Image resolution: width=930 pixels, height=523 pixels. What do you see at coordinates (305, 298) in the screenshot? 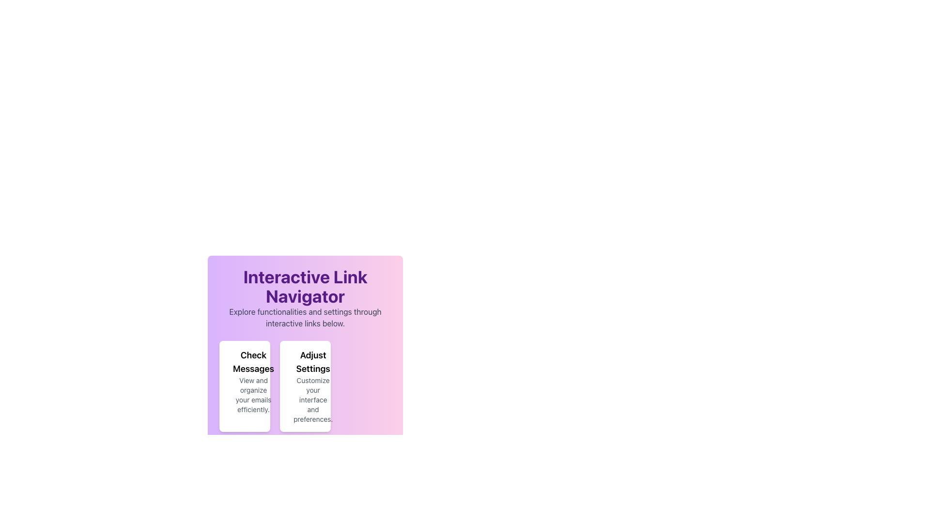
I see `the Text block (Header with subtext) that displays 'Interactive Link Navigator' and 'Explore functionalities and settings through interactive links below.'` at bounding box center [305, 298].